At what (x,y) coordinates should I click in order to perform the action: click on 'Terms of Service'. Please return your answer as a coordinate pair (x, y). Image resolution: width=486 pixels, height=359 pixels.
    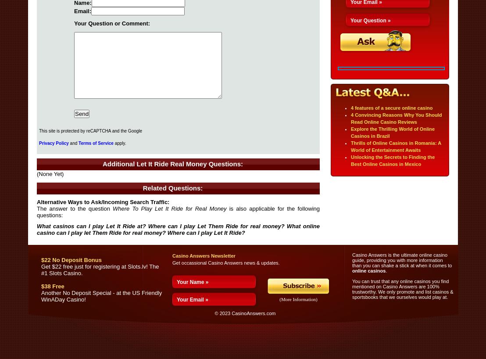
    Looking at the image, I should click on (96, 143).